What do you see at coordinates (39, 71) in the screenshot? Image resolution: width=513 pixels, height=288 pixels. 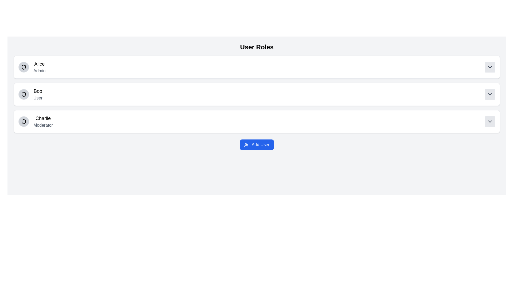 I see `the text label displaying 'Admin' in gray color, located directly below 'Alice' in the user details section` at bounding box center [39, 71].